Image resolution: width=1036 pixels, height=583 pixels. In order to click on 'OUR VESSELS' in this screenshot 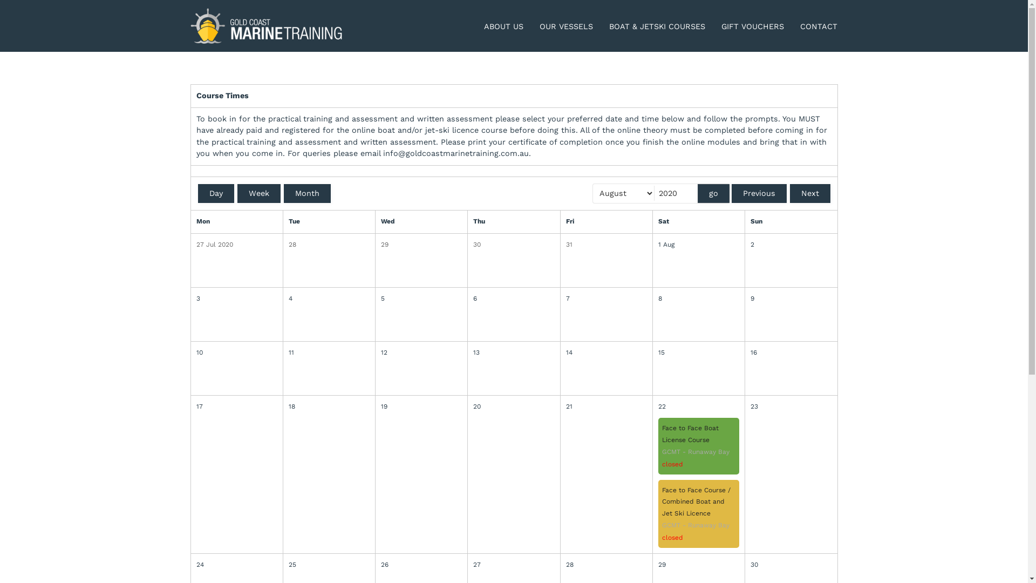, I will do `click(539, 26)`.